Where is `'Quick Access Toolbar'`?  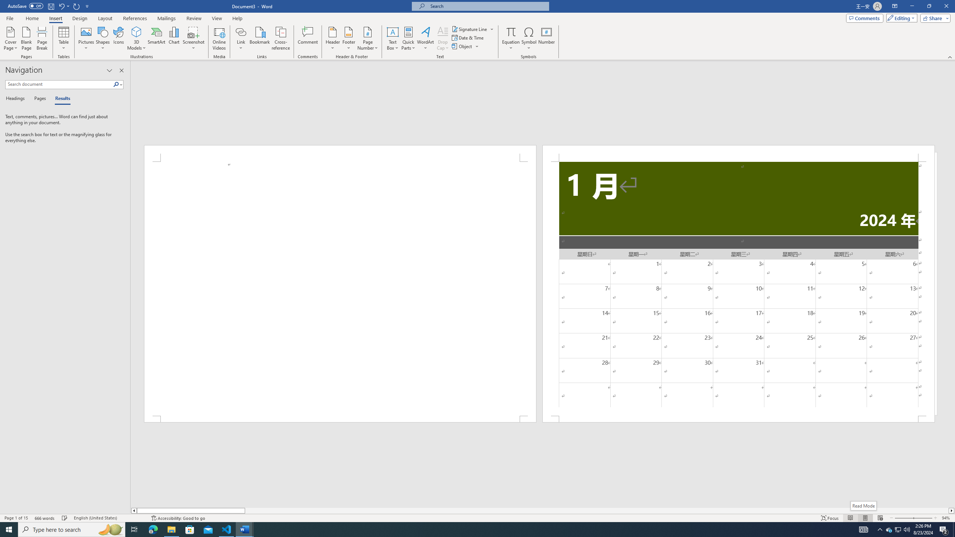 'Quick Access Toolbar' is located at coordinates (48, 6).